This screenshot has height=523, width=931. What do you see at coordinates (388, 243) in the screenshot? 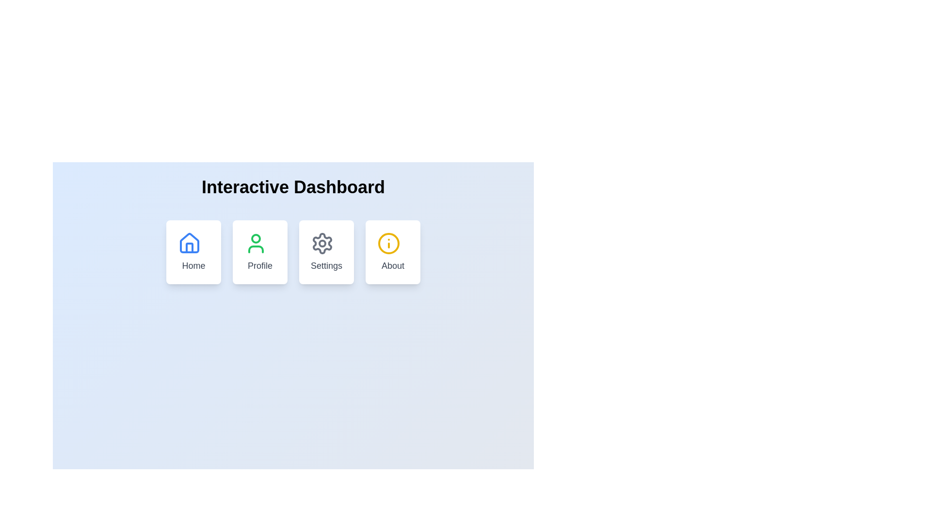
I see `the decorative graphic element, which is a circular graphic with a yellow outline and hollow center, located within the 'About' icon at the bottom-right of the main user interface` at bounding box center [388, 243].